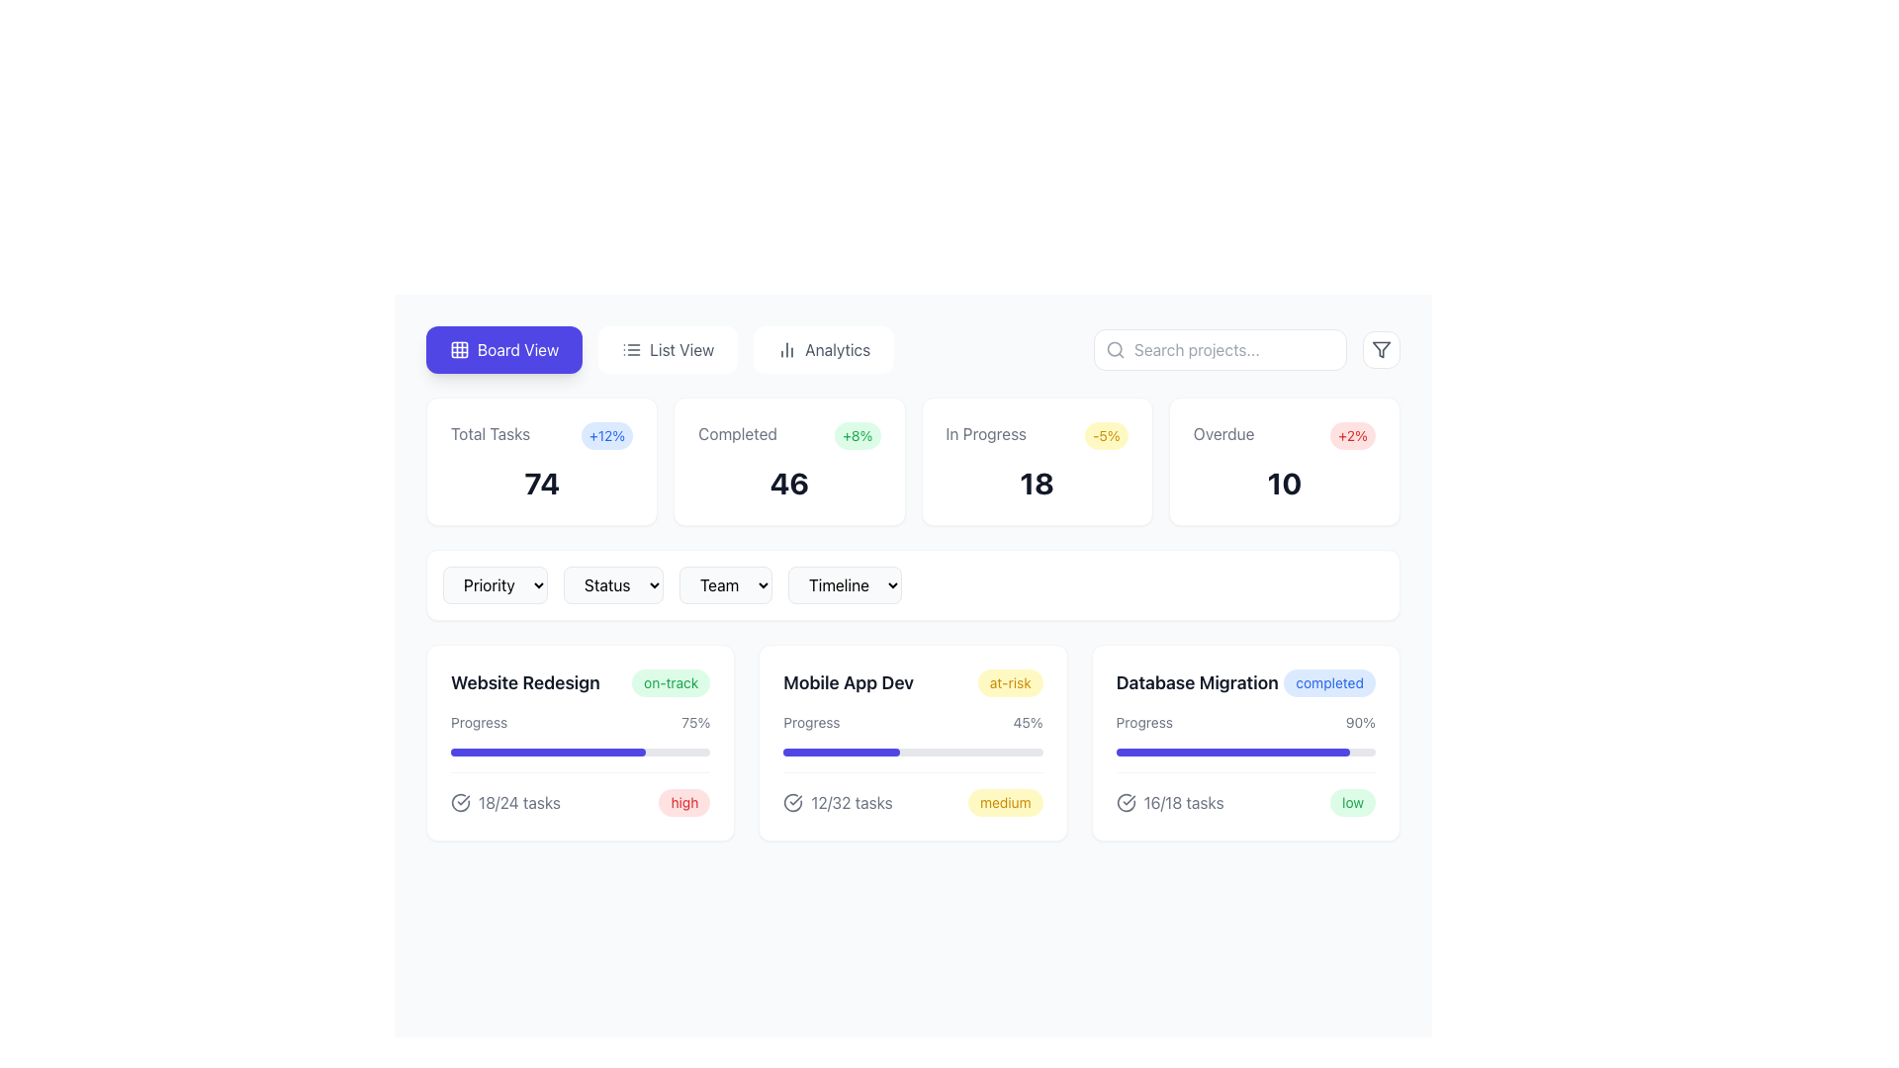 The width and height of the screenshot is (1899, 1068). What do you see at coordinates (1010, 681) in the screenshot?
I see `the pill-shaped badge with a yellow background and text reading 'at-risk', located to the right of the 'Mobile App Dev' title in the second row of content cards` at bounding box center [1010, 681].